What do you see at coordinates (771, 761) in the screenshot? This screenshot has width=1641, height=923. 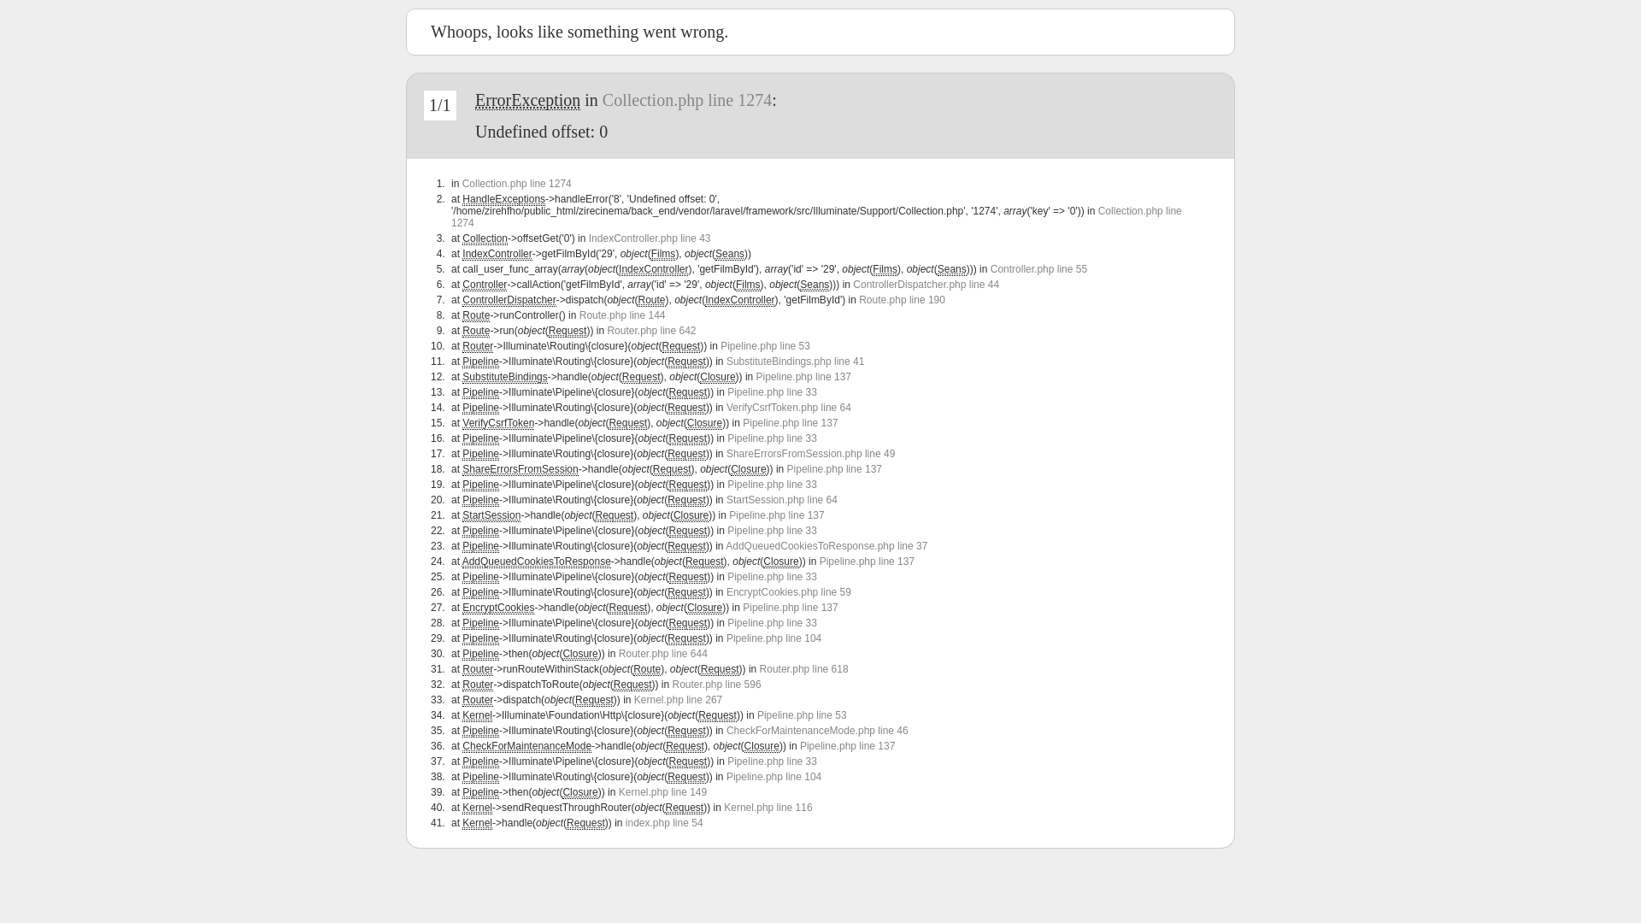 I see `'Pipeline.php line 33'` at bounding box center [771, 761].